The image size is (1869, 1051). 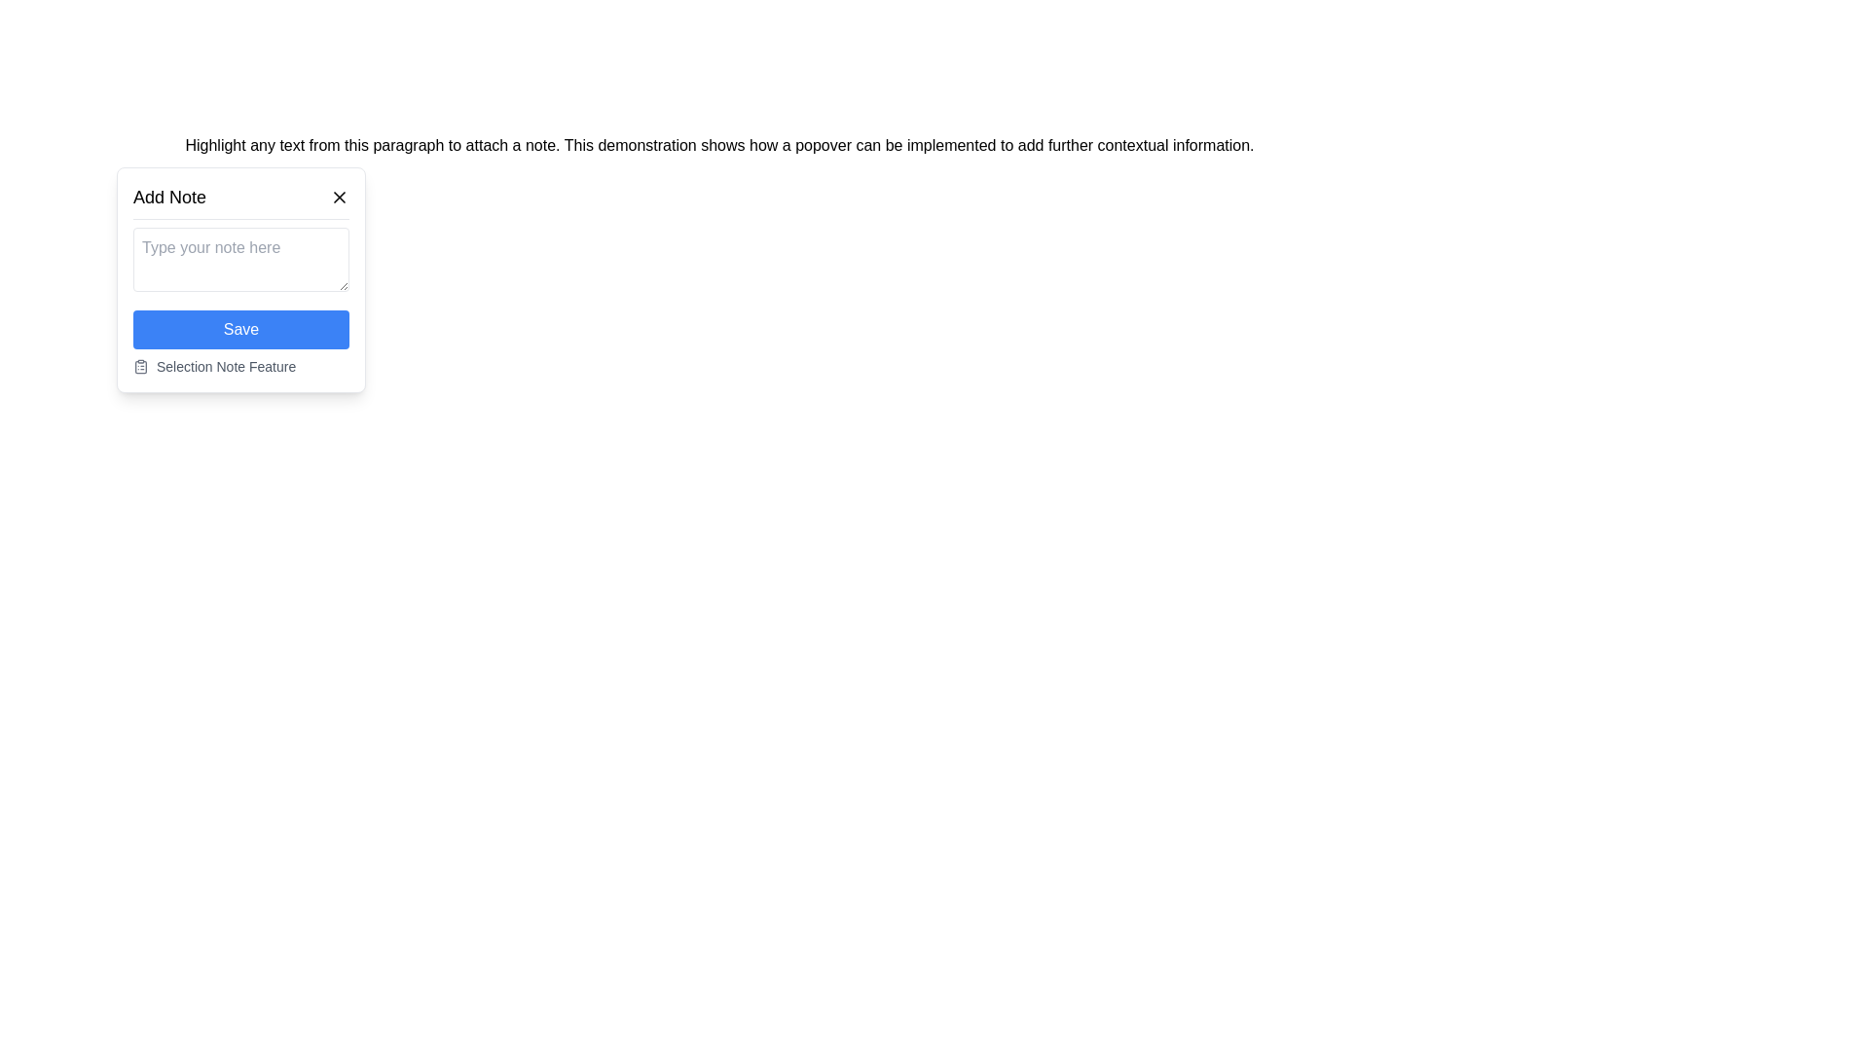 I want to click on the informational label located at the bottom of the 'Add Note' popover, directly beneath the 'Save' button, so click(x=240, y=367).